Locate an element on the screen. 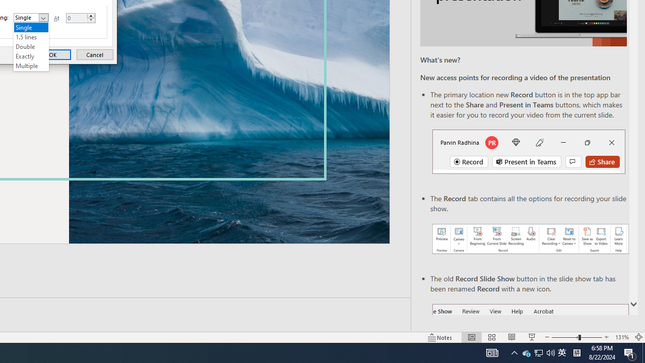 The image size is (645, 363). 'At' is located at coordinates (81, 18).